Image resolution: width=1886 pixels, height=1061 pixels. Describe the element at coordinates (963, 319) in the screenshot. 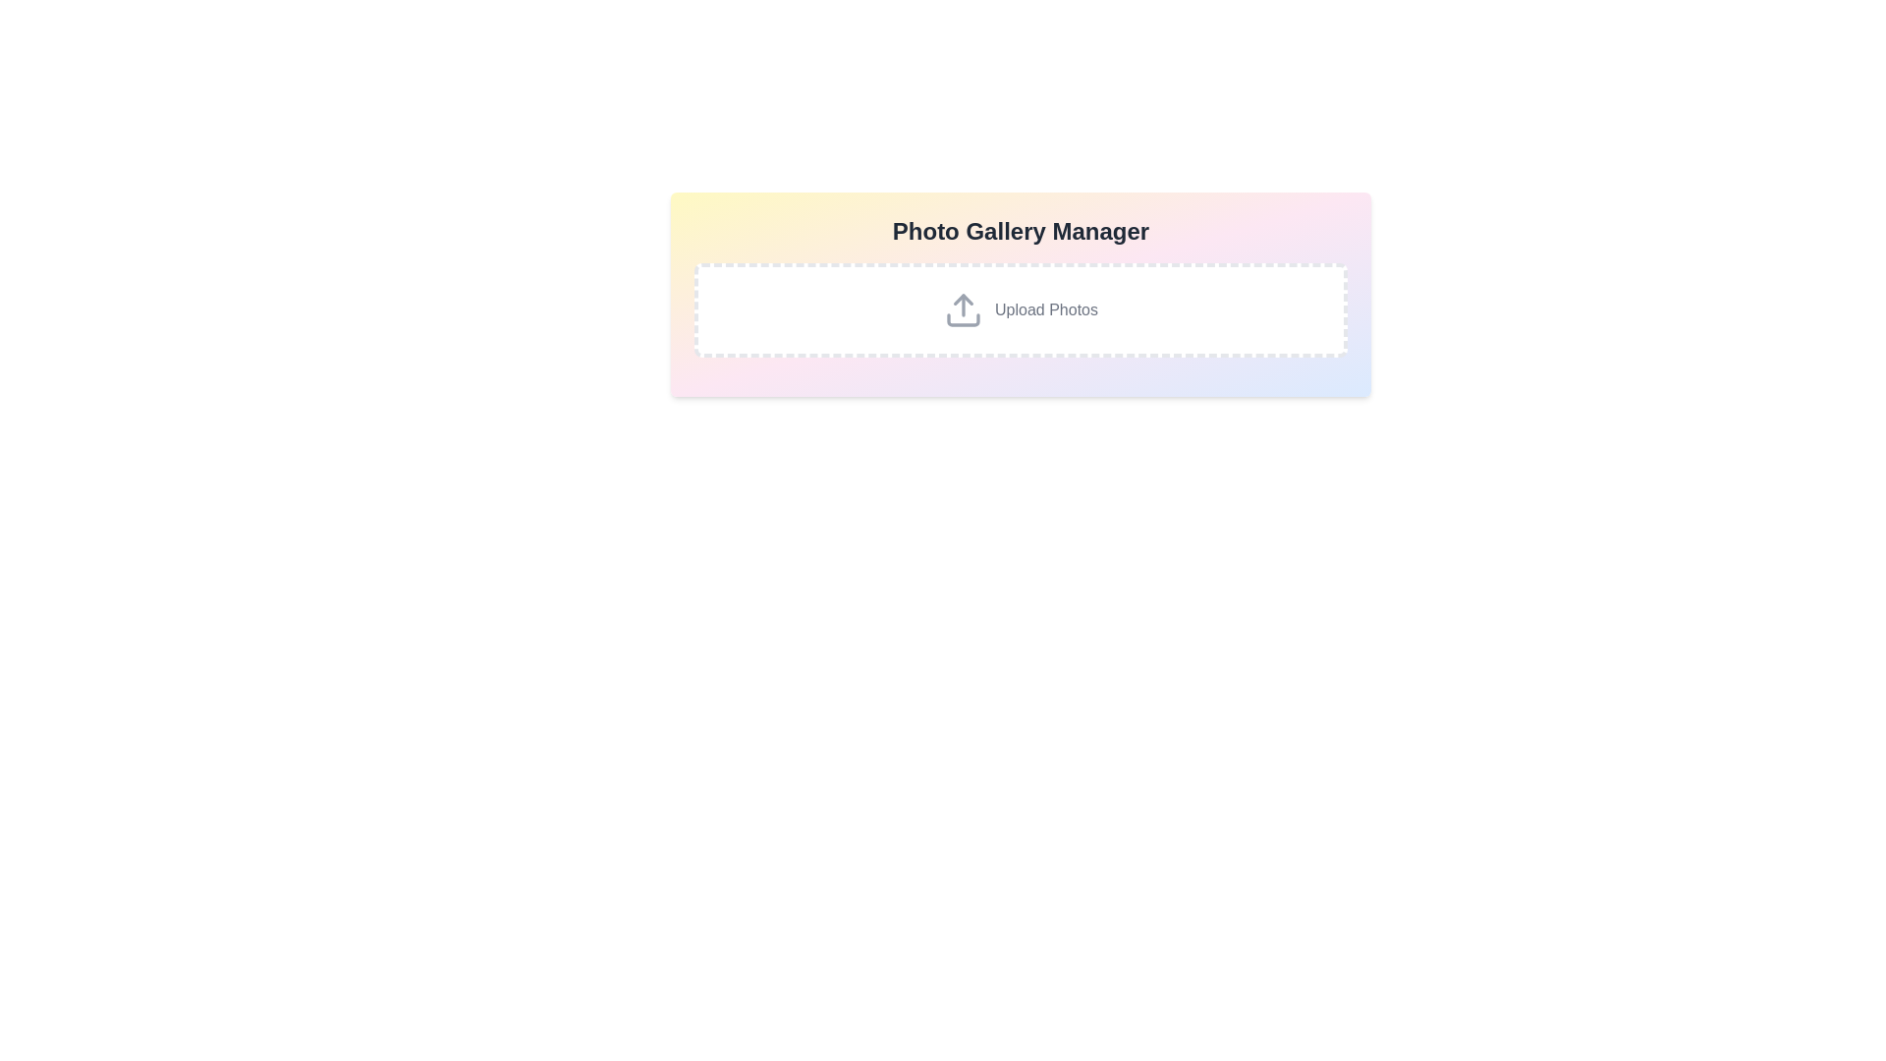

I see `the upload icon which is part of the SVG component representing the upload feature, located centrally in the interface` at that location.